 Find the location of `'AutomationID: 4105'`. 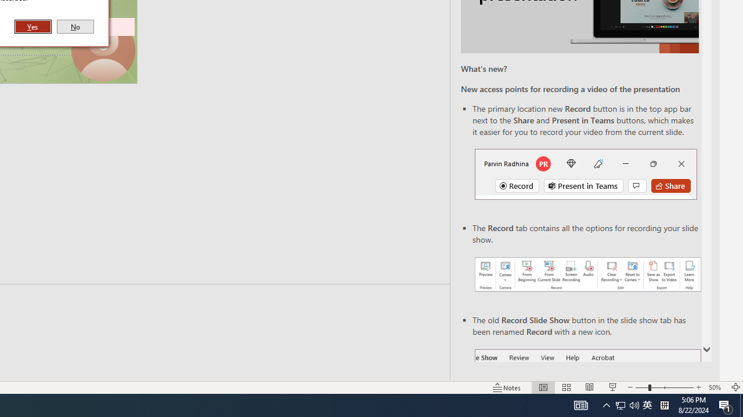

'AutomationID: 4105' is located at coordinates (580, 404).